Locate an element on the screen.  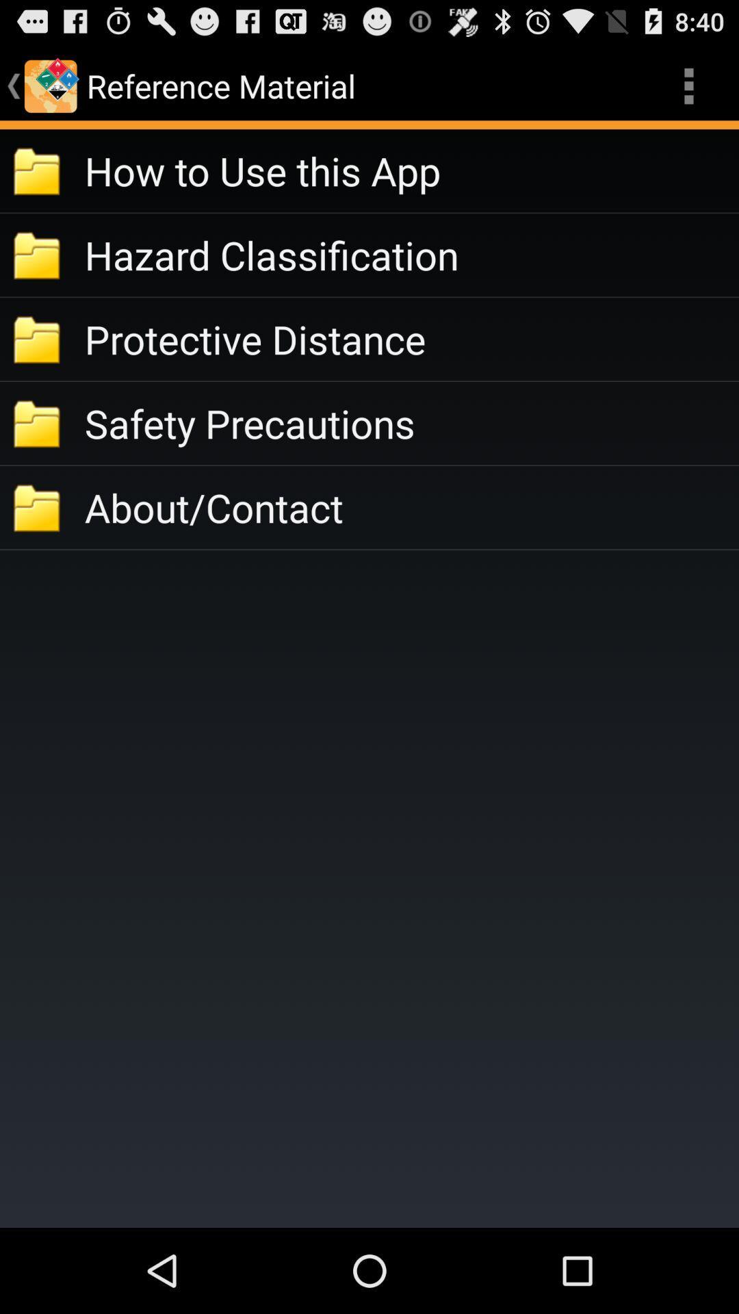
safety precautions is located at coordinates (411, 422).